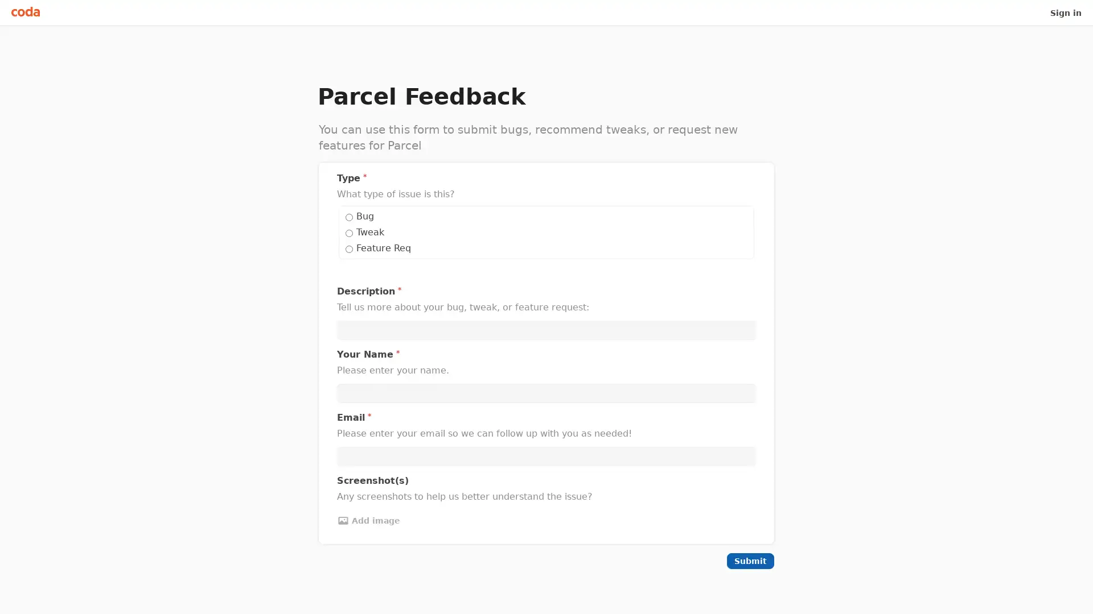 The width and height of the screenshot is (1093, 614). What do you see at coordinates (371, 520) in the screenshot?
I see `Add image` at bounding box center [371, 520].